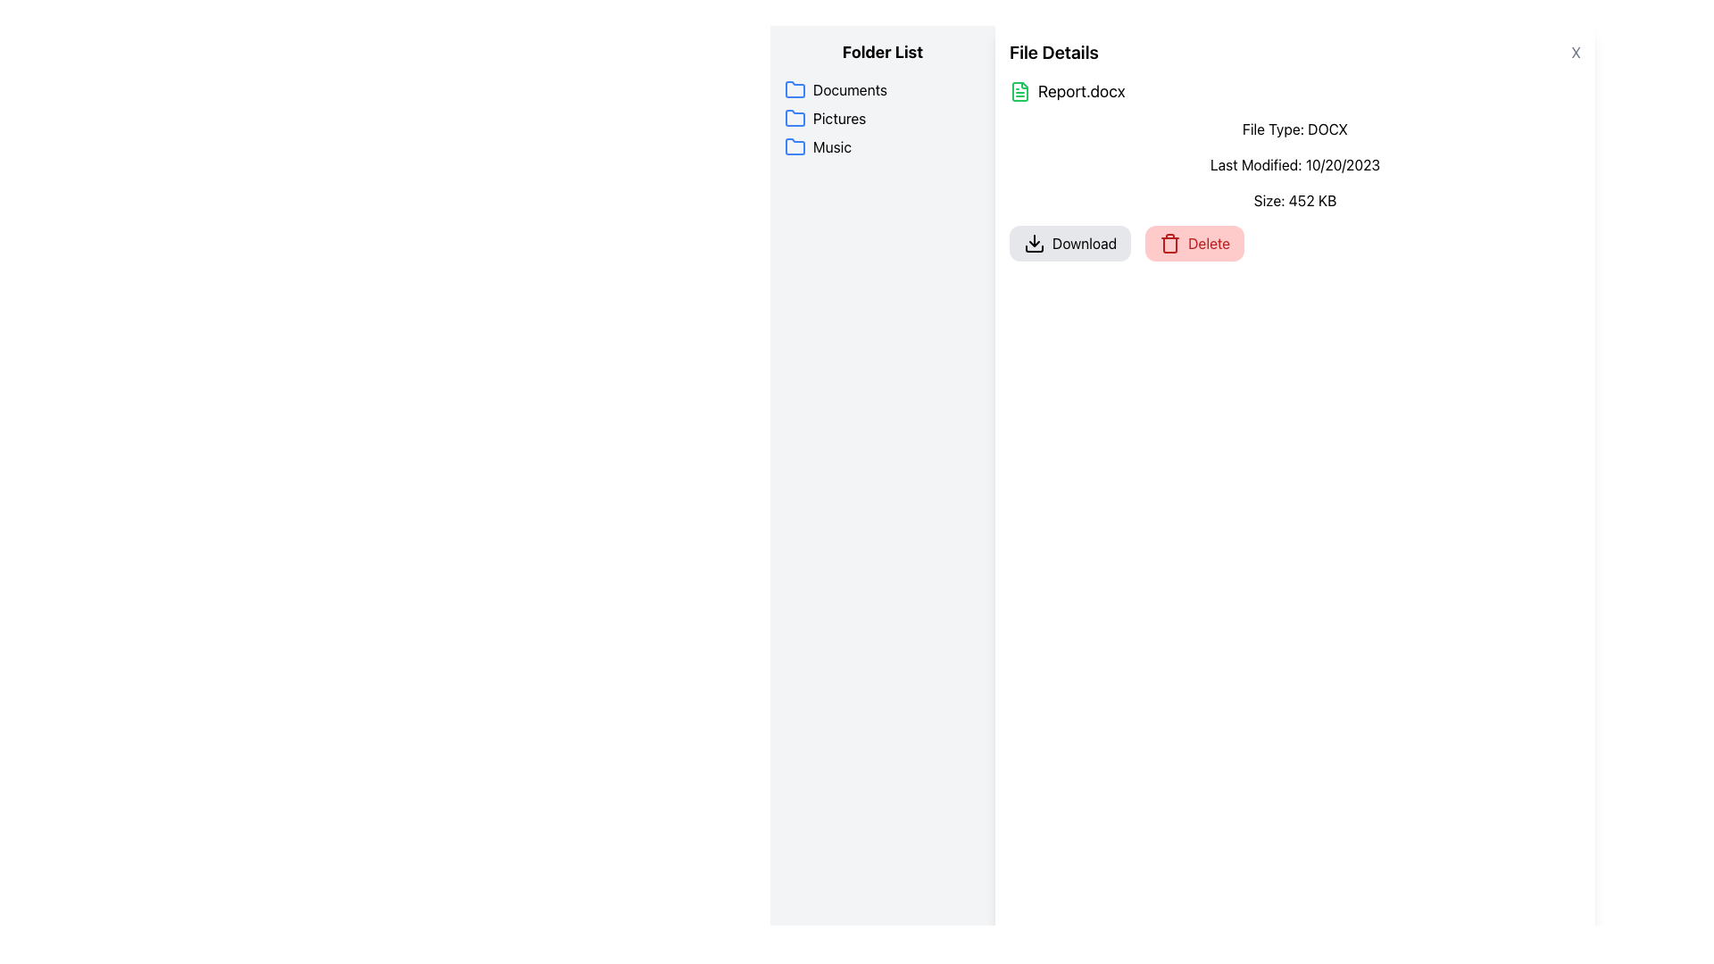 The width and height of the screenshot is (1714, 964). I want to click on the 'Pictures' folder link located in the left-aligned sidebar under 'Documents' and above 'Music', so click(882, 118).